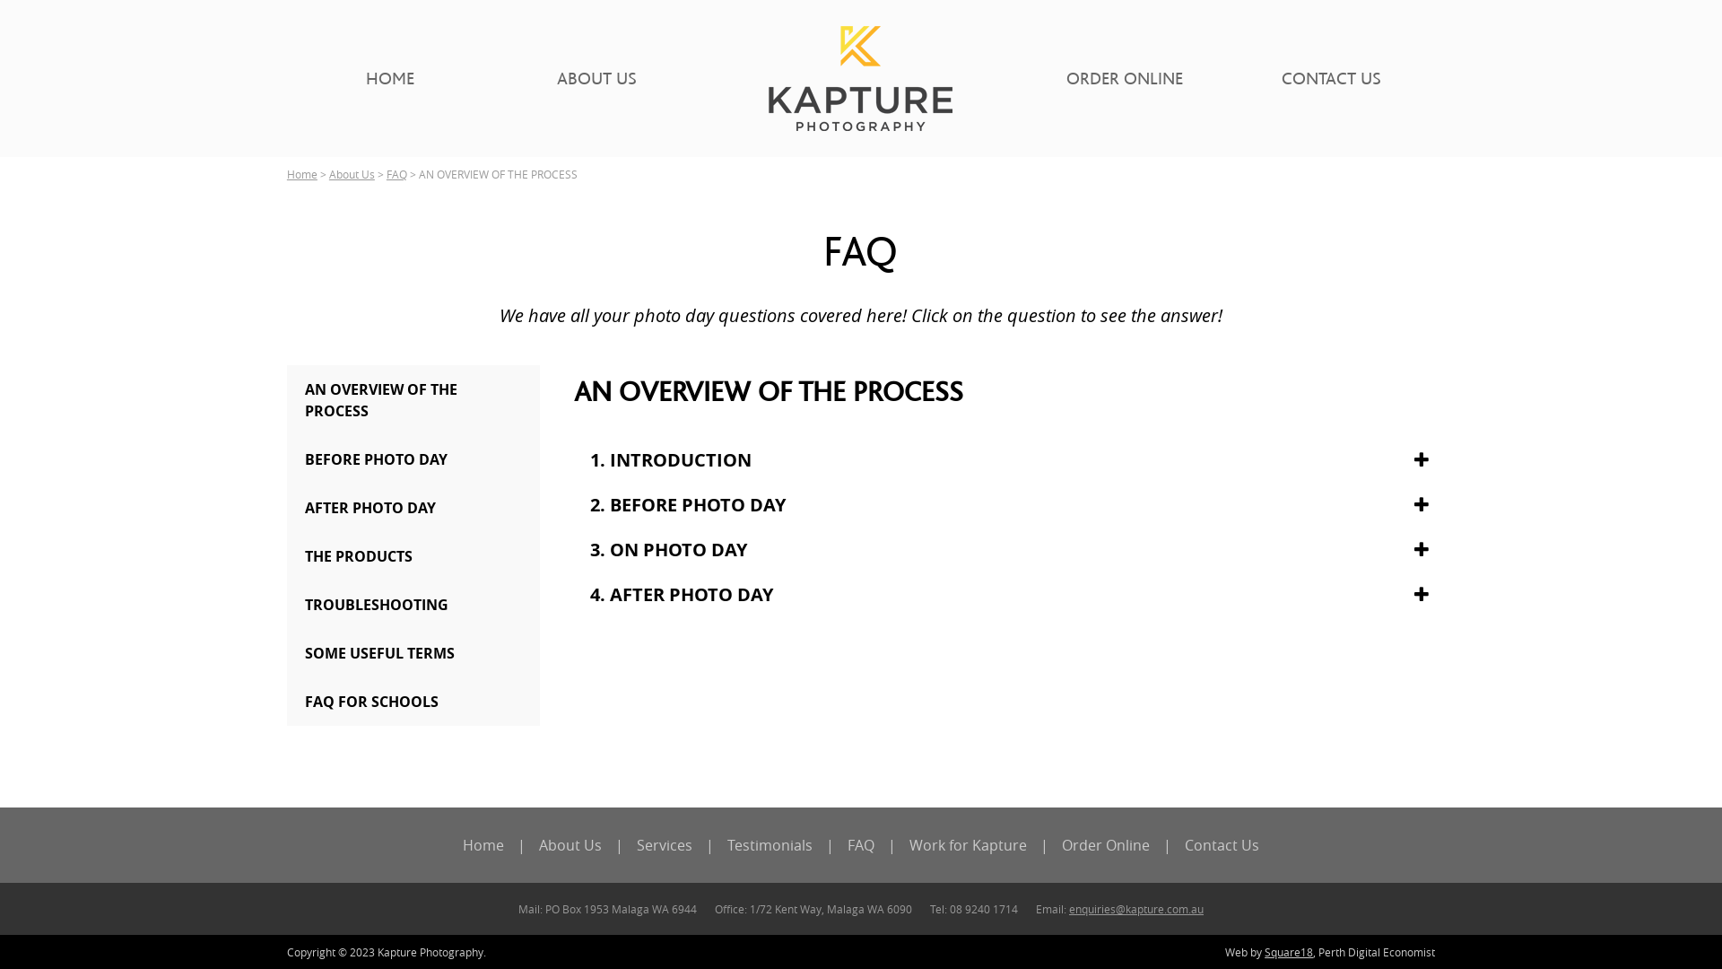  I want to click on 'Square18', so click(1287, 950).